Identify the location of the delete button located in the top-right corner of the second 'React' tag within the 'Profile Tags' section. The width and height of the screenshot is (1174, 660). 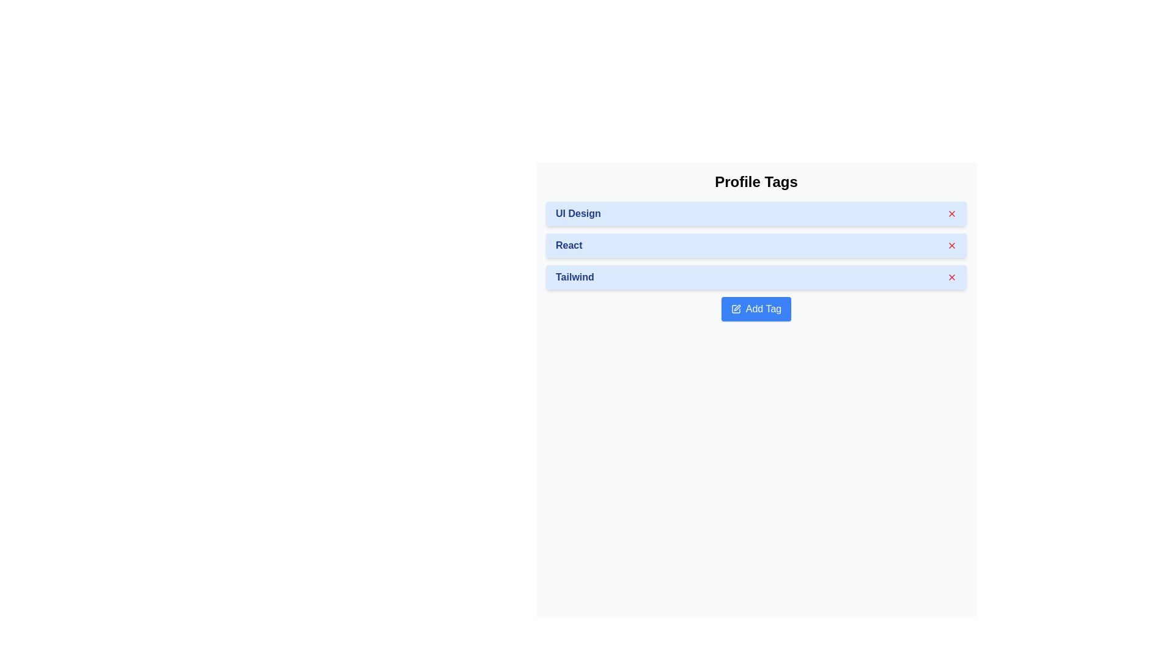
(951, 245).